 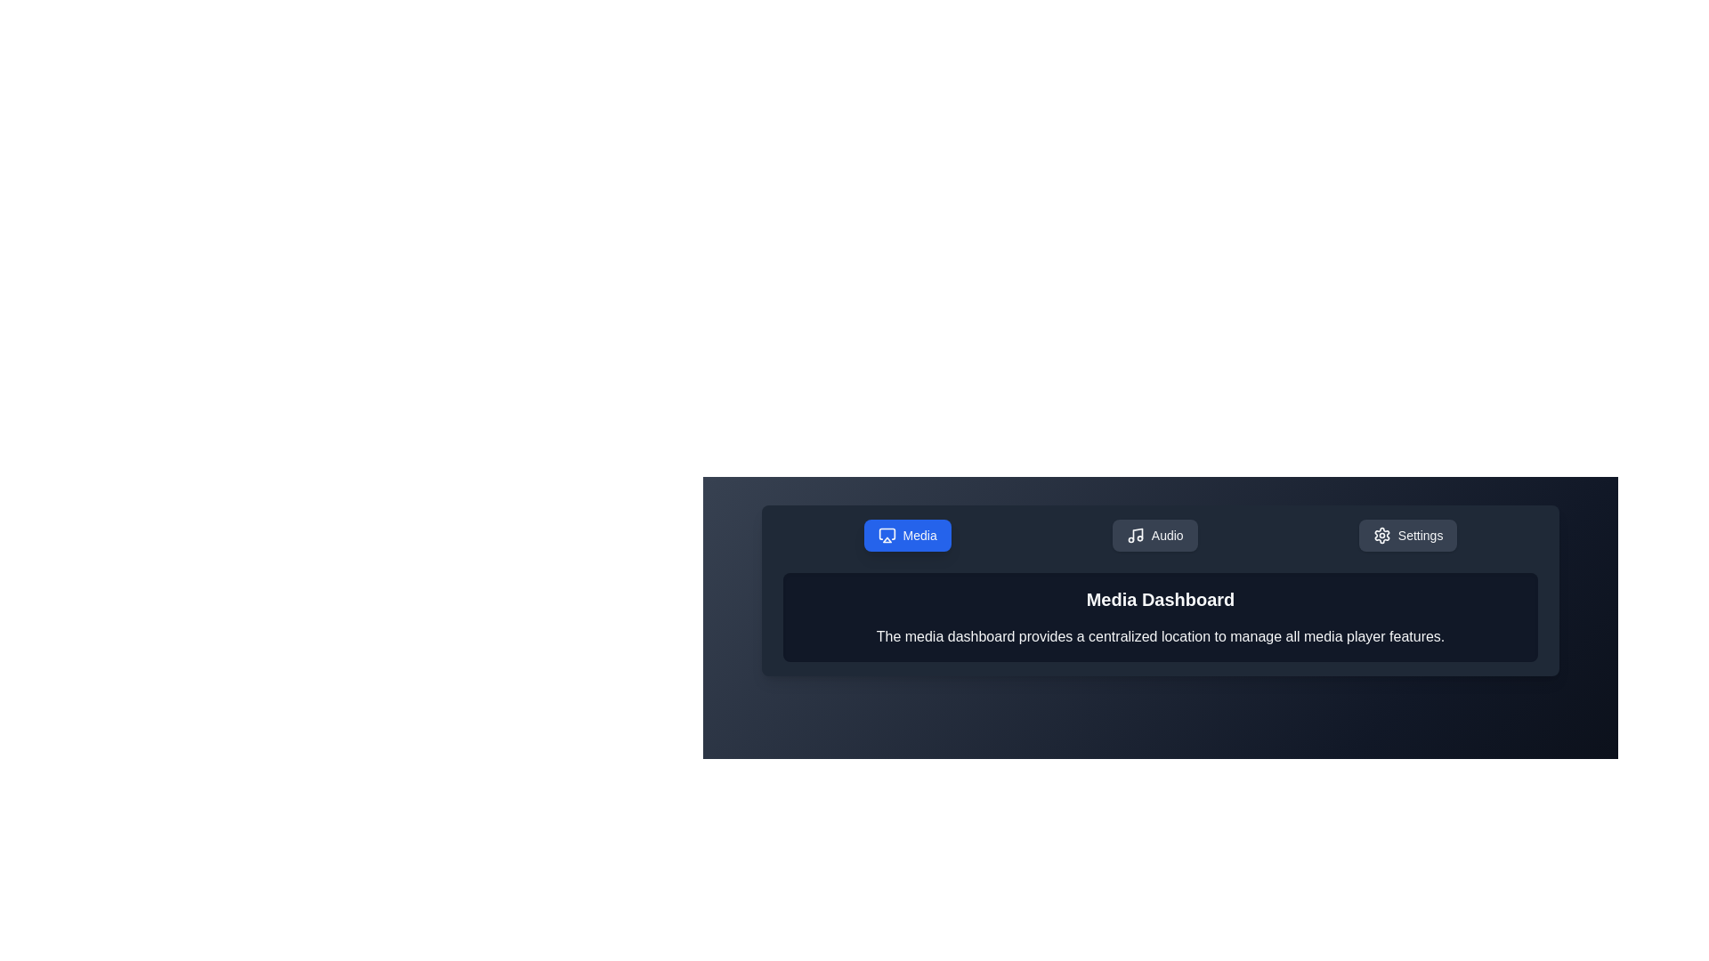 I want to click on the gear-shaped icon representing the settings feature located at the center of the 'Settings' button on the upper-right side of the media dashboard interface, so click(x=1381, y=534).